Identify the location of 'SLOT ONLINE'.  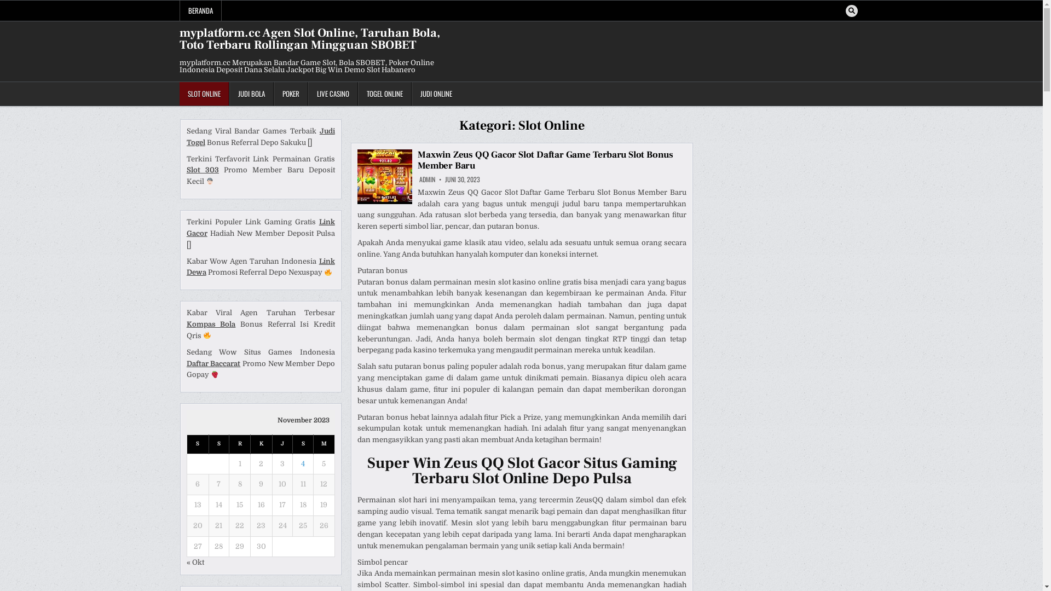
(204, 93).